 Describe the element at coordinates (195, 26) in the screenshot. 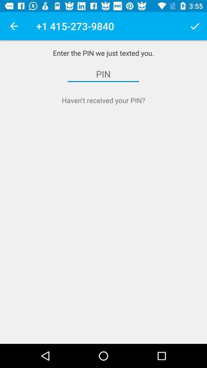

I see `the app next to 1 415 273` at that location.